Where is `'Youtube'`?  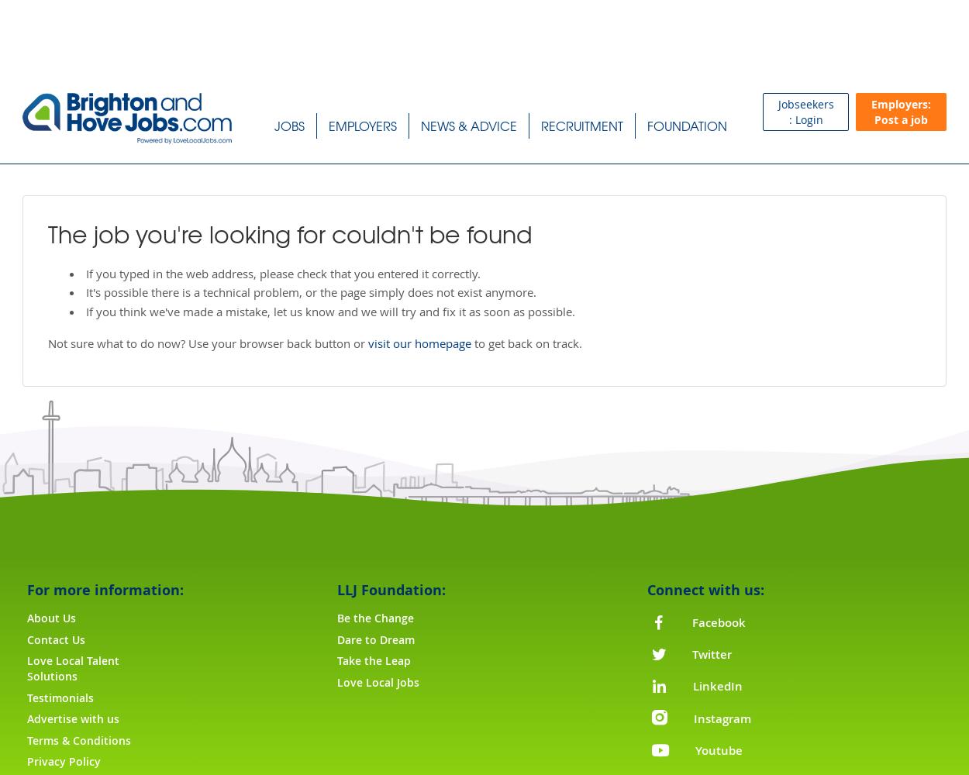 'Youtube' is located at coordinates (718, 749).